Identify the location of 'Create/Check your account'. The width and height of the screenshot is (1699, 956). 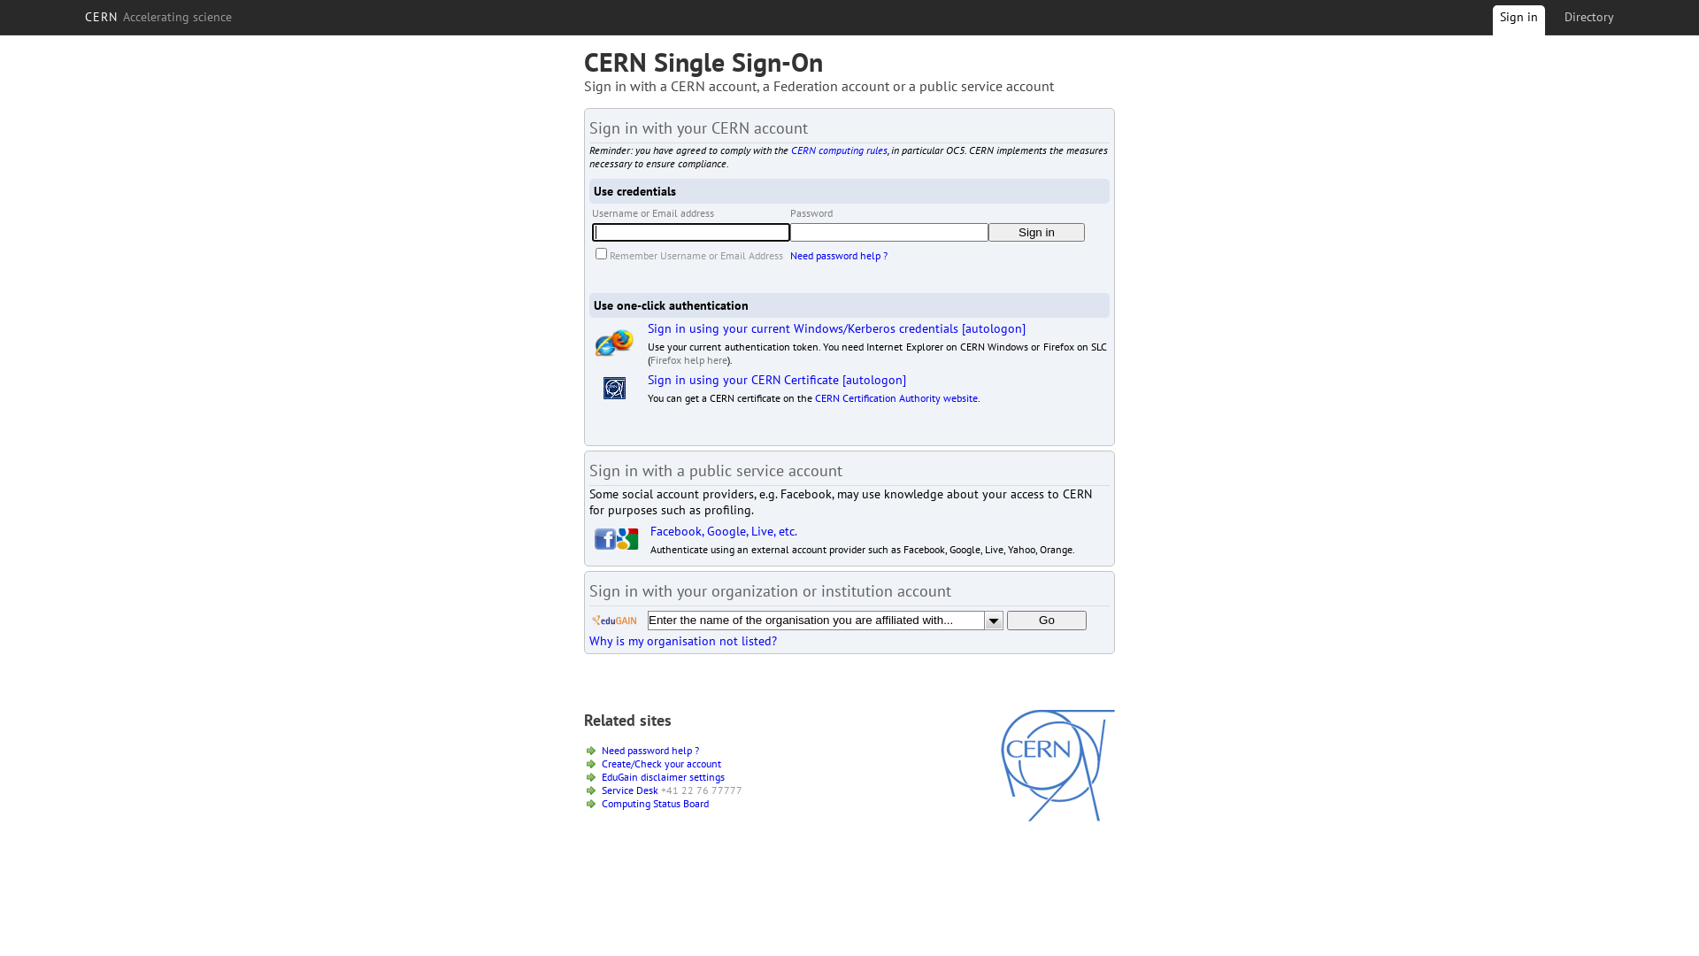
(660, 762).